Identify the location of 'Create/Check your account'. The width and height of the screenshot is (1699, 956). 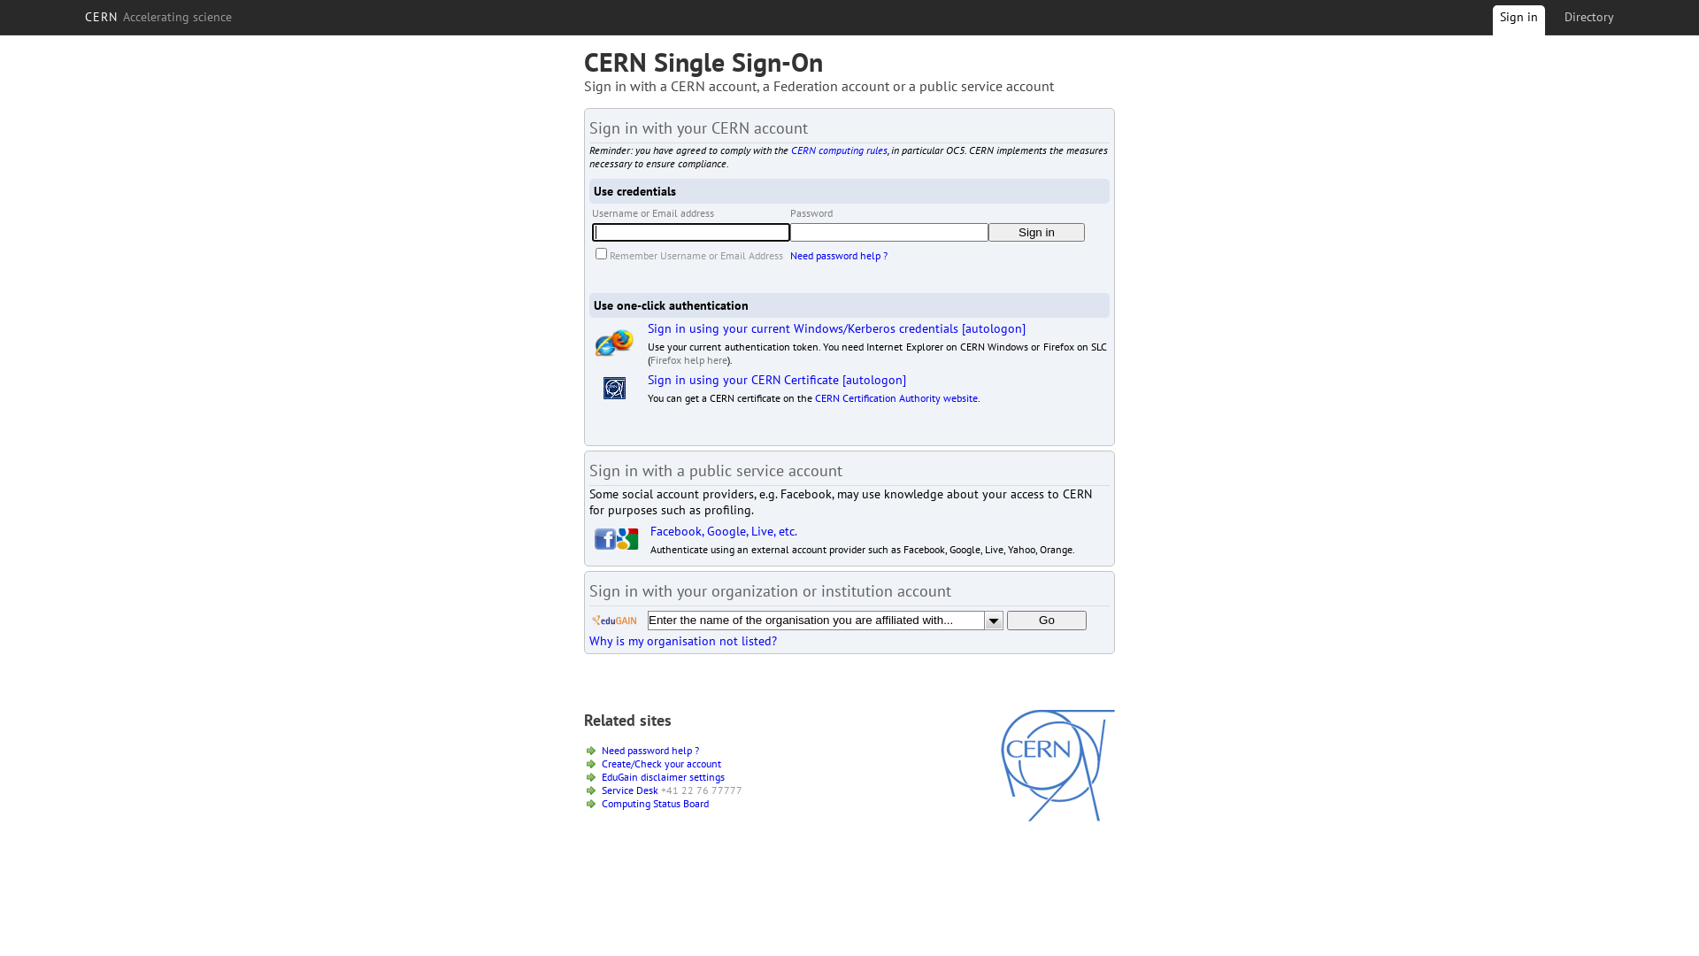
(660, 762).